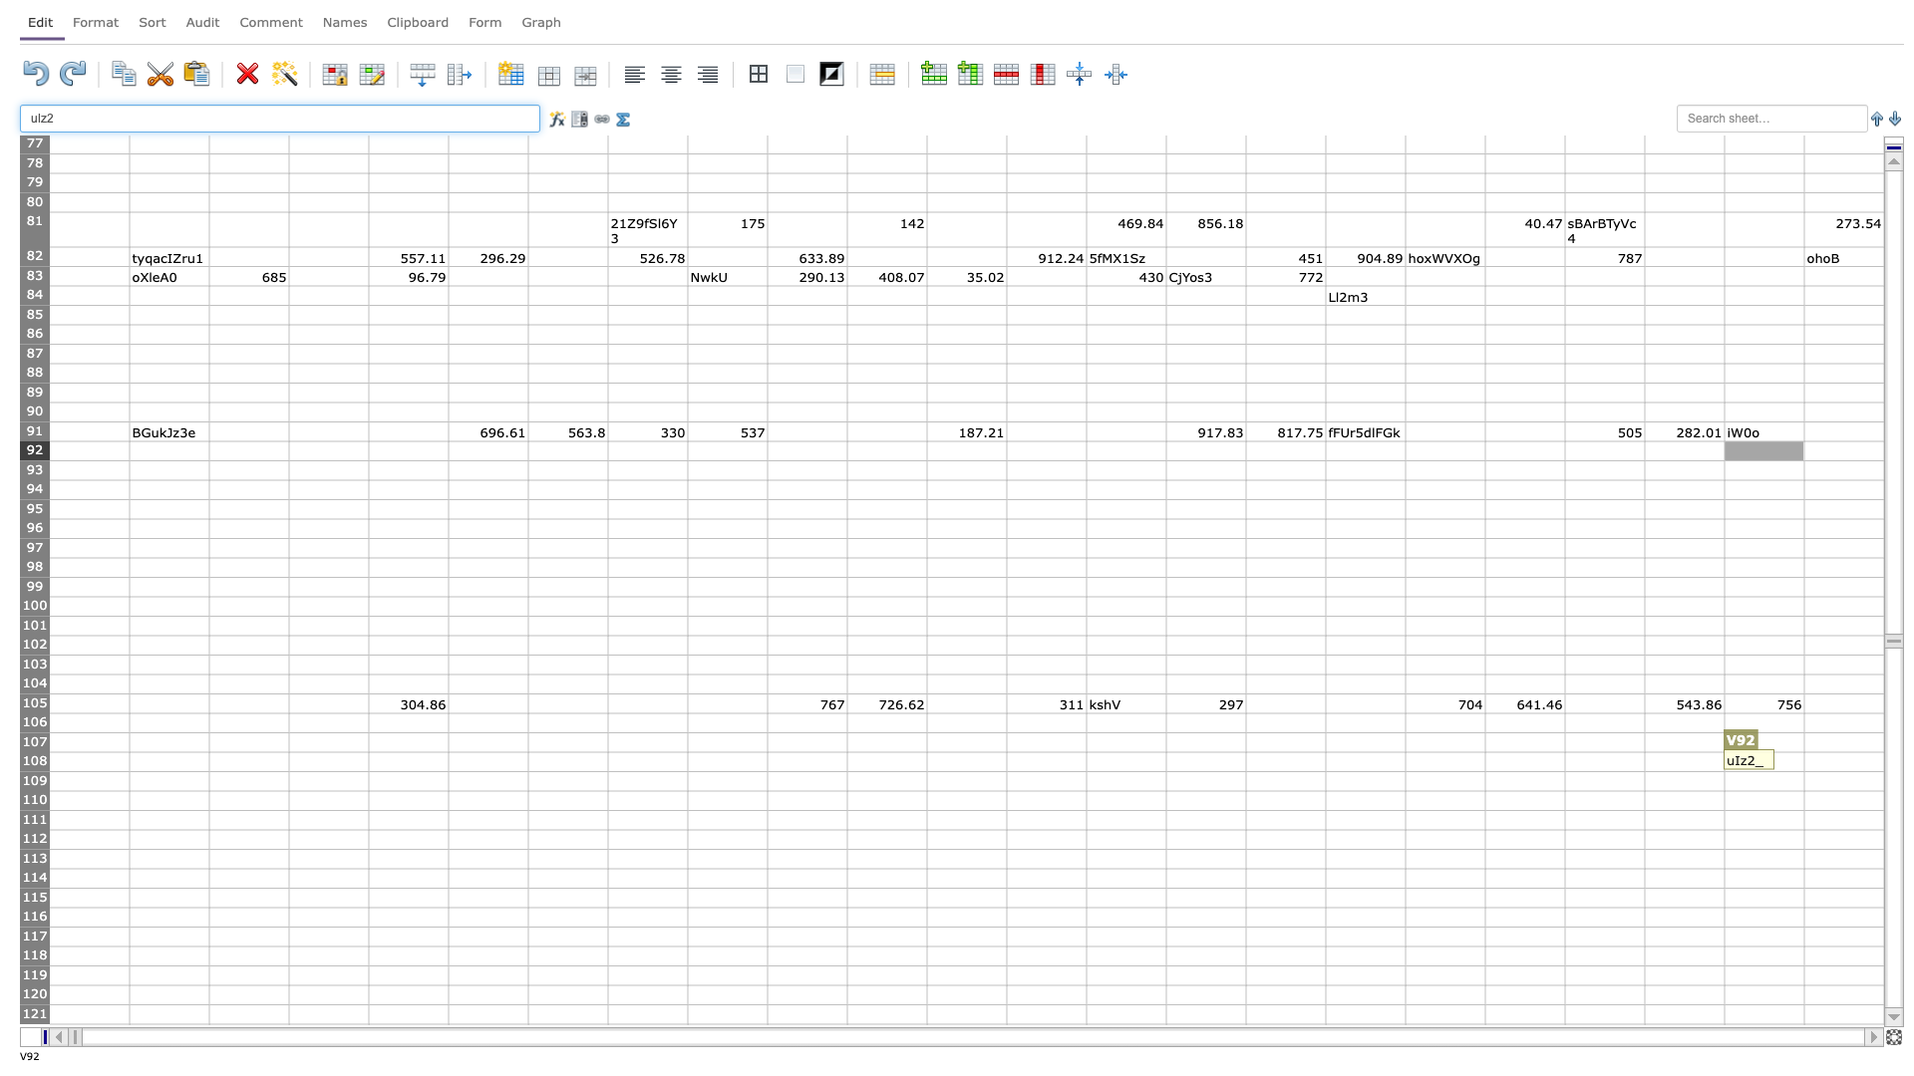 This screenshot has height=1076, width=1914. Describe the element at coordinates (527, 761) in the screenshot. I see `Right border of cell F-108` at that location.